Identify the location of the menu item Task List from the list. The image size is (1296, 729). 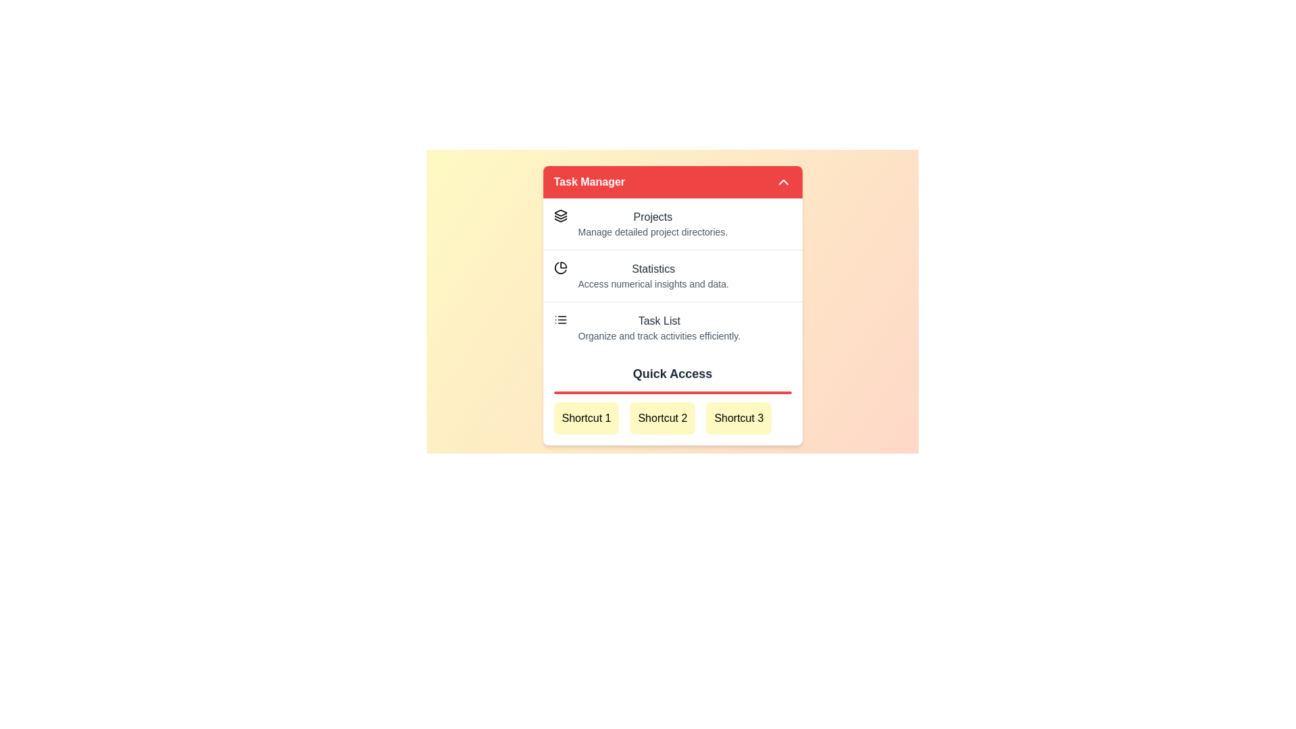
(672, 327).